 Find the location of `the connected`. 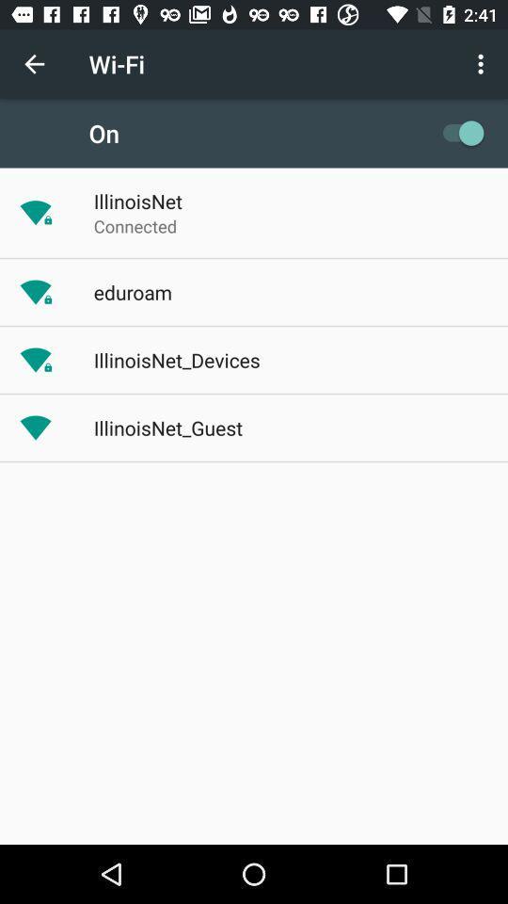

the connected is located at coordinates (135, 226).